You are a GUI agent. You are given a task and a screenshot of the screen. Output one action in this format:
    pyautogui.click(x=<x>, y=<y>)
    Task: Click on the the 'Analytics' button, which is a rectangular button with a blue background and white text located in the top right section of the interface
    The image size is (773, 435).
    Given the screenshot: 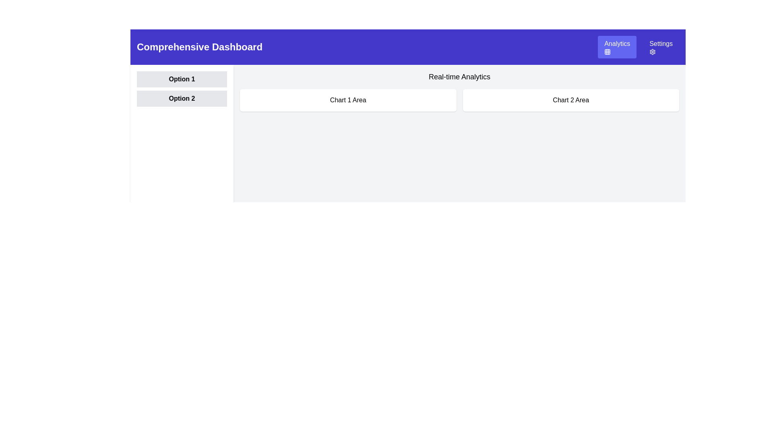 What is the action you would take?
    pyautogui.click(x=617, y=47)
    